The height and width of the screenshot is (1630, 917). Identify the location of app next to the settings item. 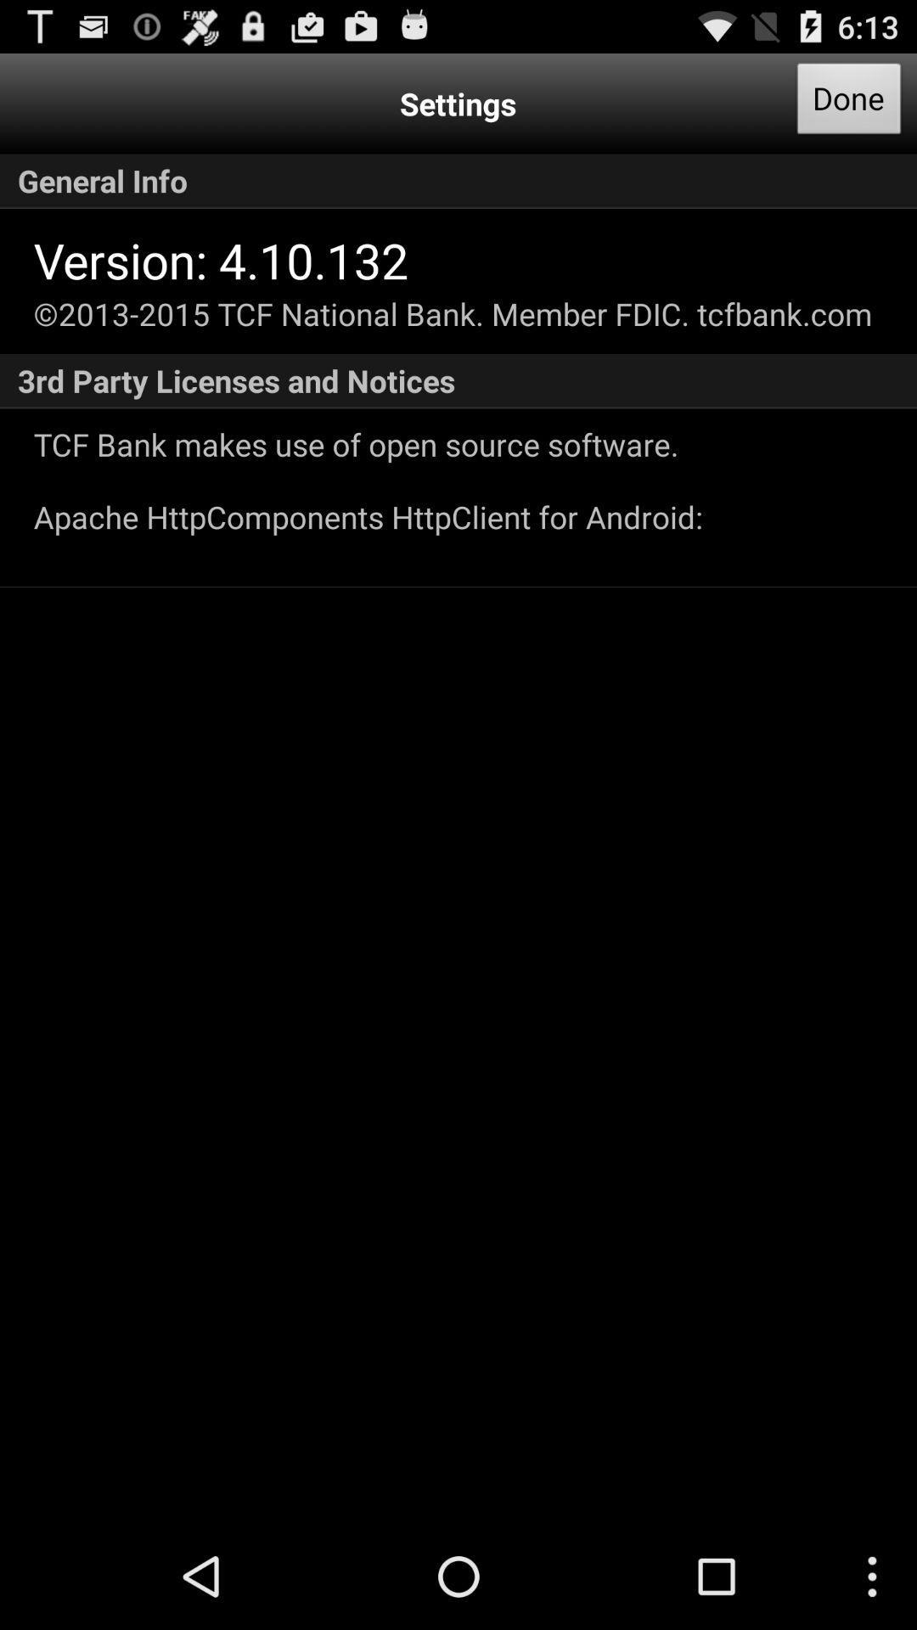
(849, 103).